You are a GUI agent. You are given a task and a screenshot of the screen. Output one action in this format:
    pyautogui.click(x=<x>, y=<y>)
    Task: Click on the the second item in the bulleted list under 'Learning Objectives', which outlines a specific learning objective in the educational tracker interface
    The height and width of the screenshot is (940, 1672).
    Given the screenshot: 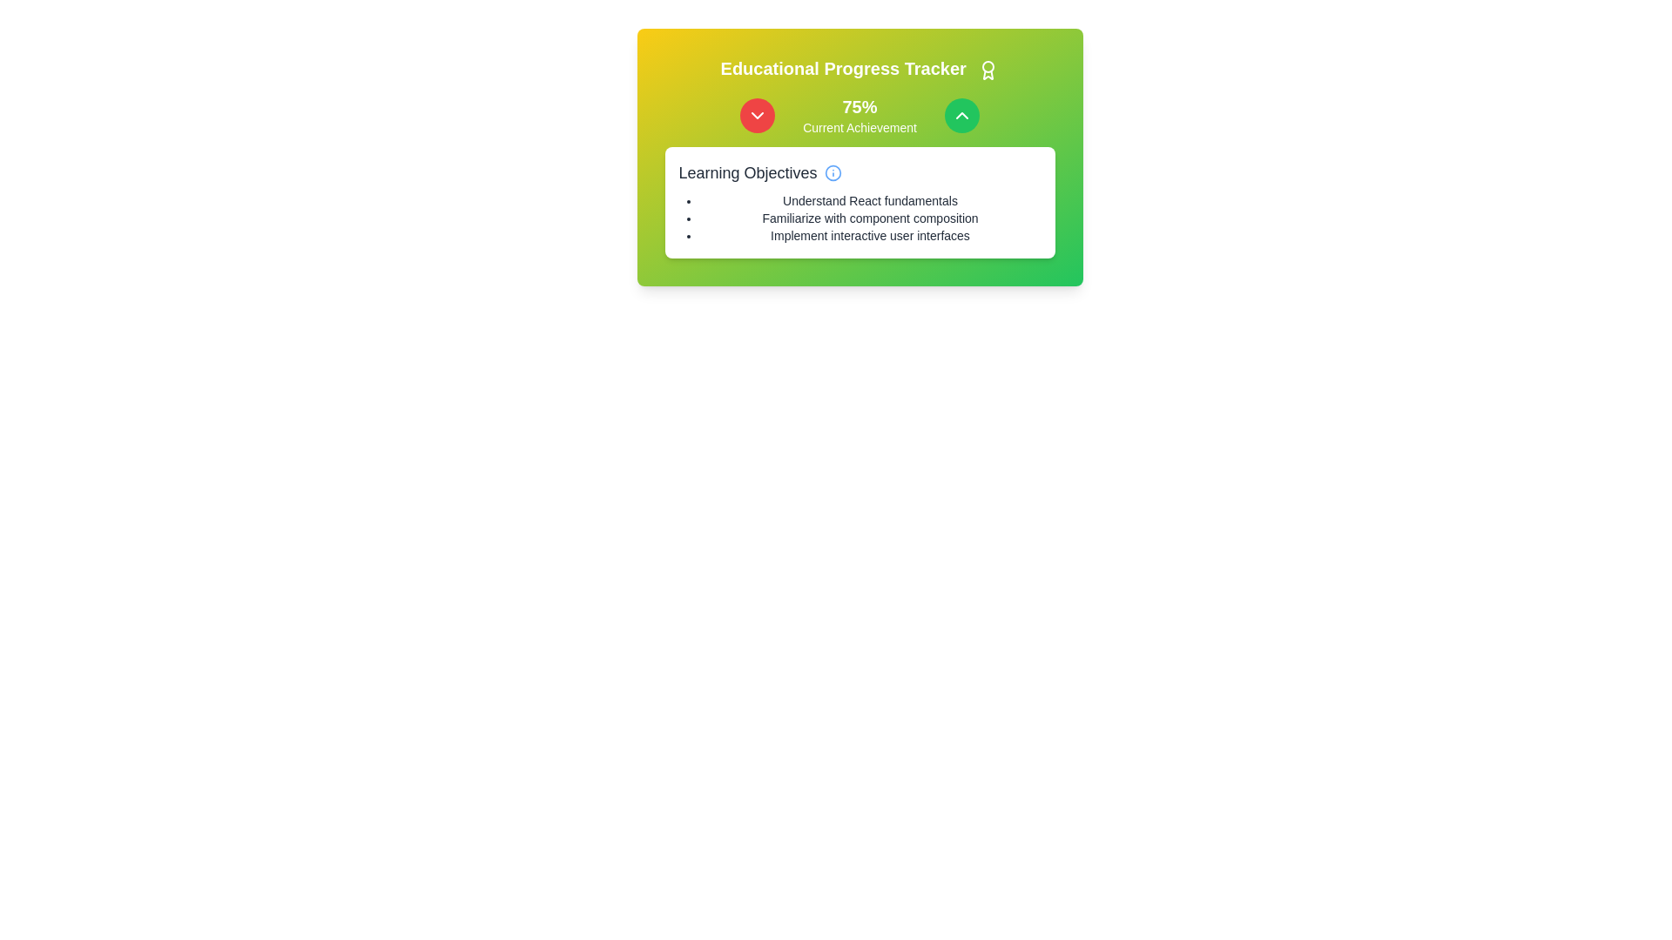 What is the action you would take?
    pyautogui.click(x=870, y=217)
    